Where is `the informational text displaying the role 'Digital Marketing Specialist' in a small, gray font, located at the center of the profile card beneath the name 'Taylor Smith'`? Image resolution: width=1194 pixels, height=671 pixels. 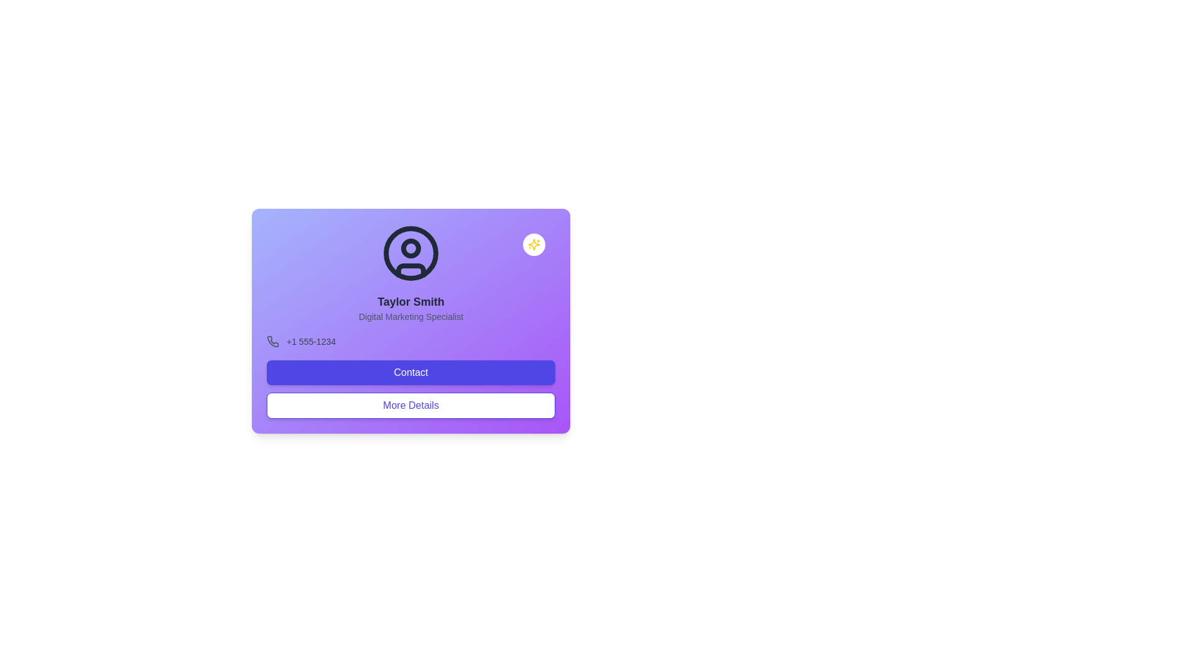 the informational text displaying the role 'Digital Marketing Specialist' in a small, gray font, located at the center of the profile card beneath the name 'Taylor Smith' is located at coordinates (411, 316).